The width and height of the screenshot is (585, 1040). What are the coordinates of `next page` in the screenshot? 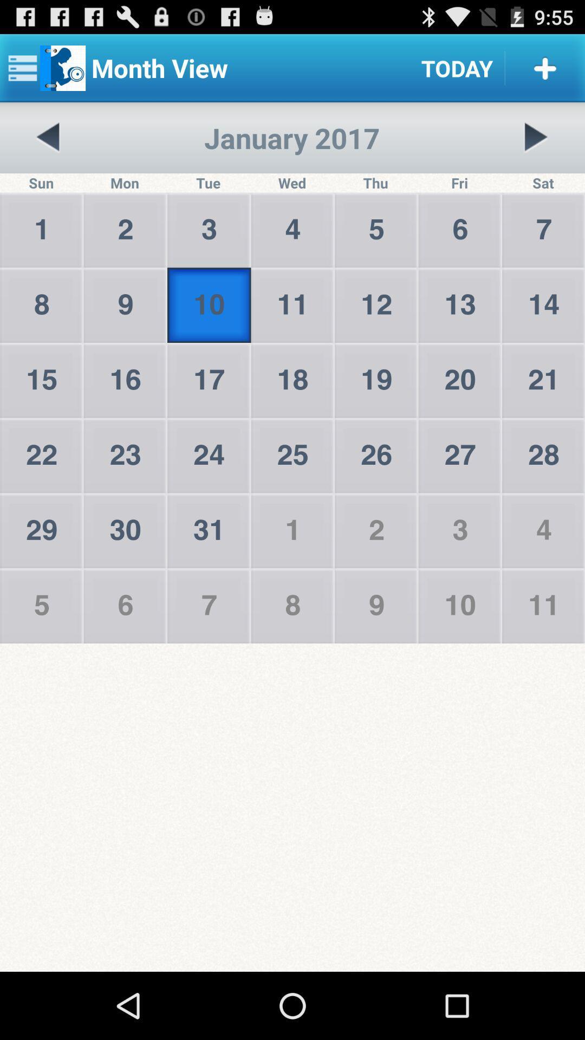 It's located at (535, 137).